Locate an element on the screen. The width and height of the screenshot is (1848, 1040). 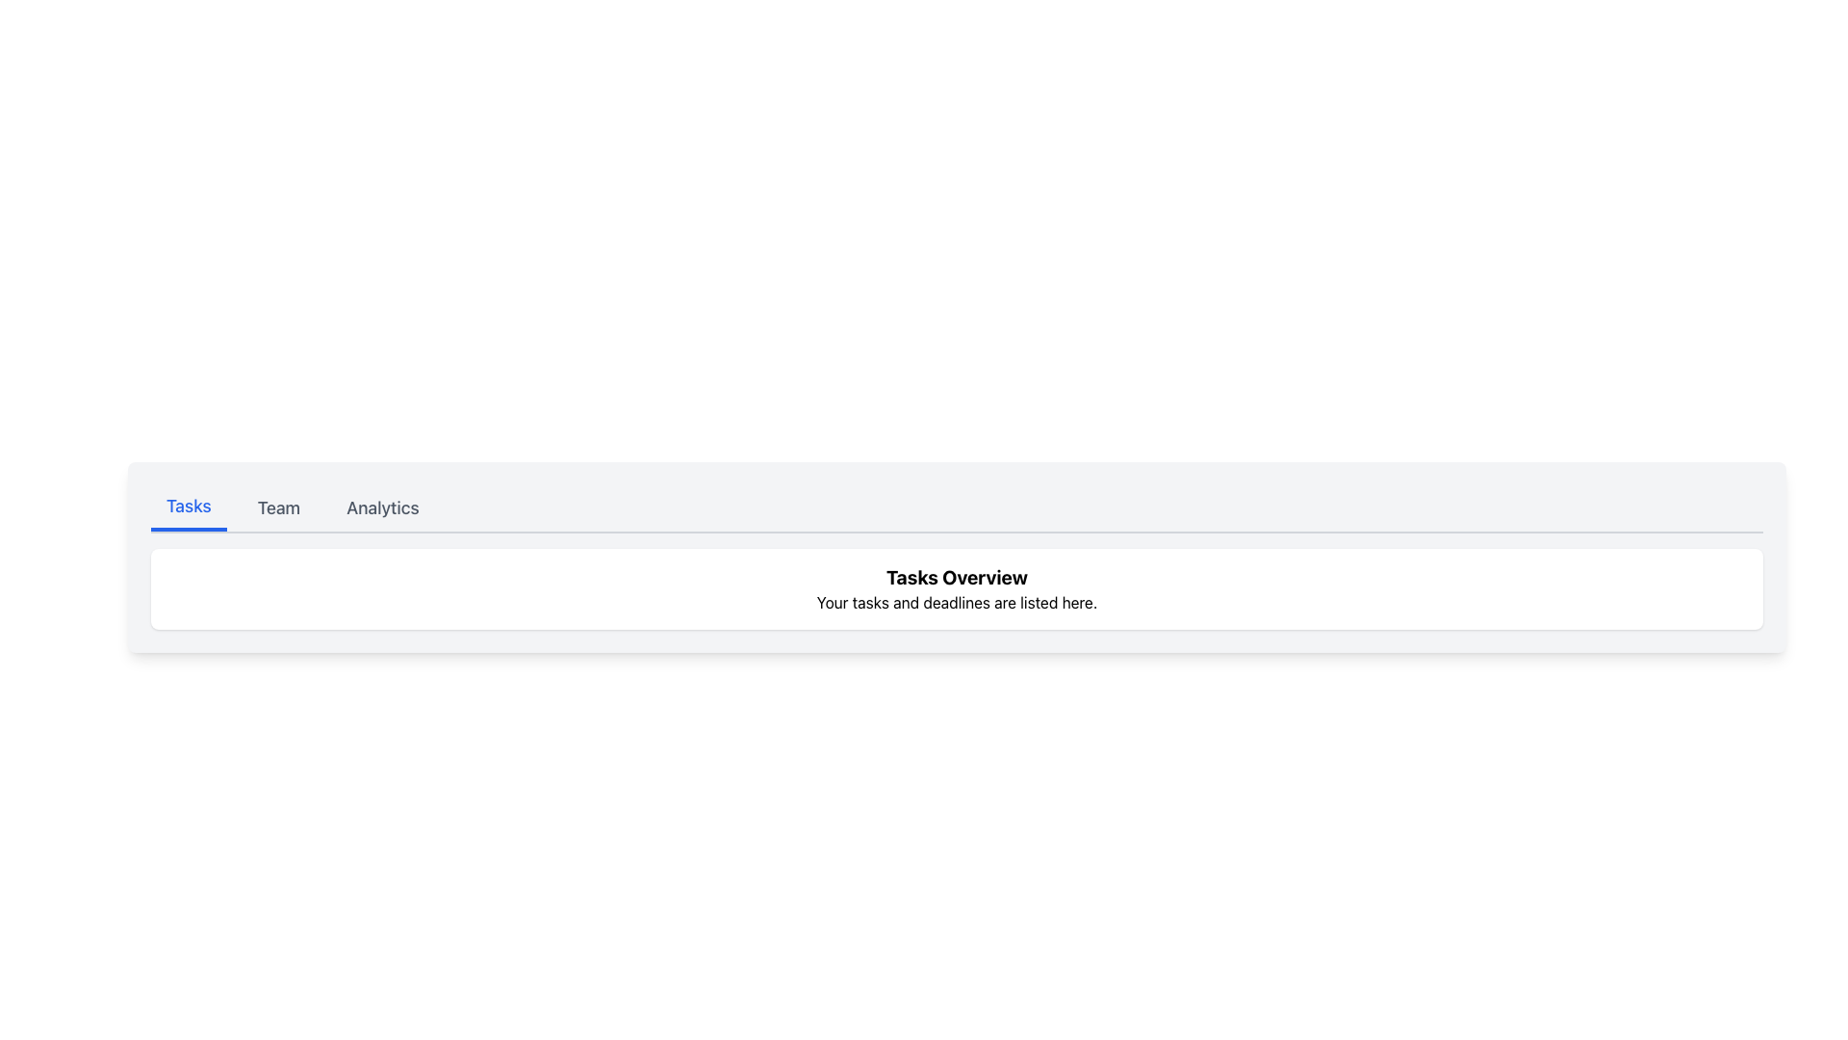
the bold text label displaying 'Tasks Overview' located at the top of its section is located at coordinates (957, 577).